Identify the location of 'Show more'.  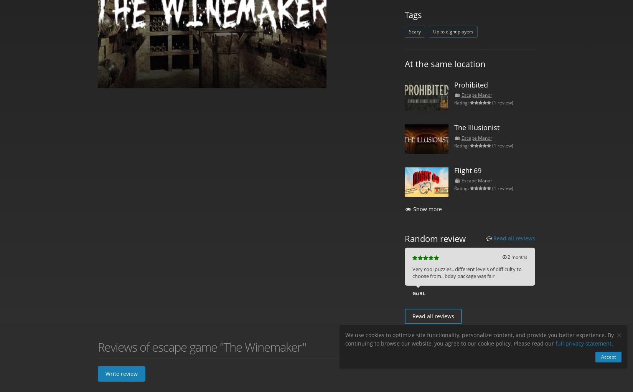
(427, 208).